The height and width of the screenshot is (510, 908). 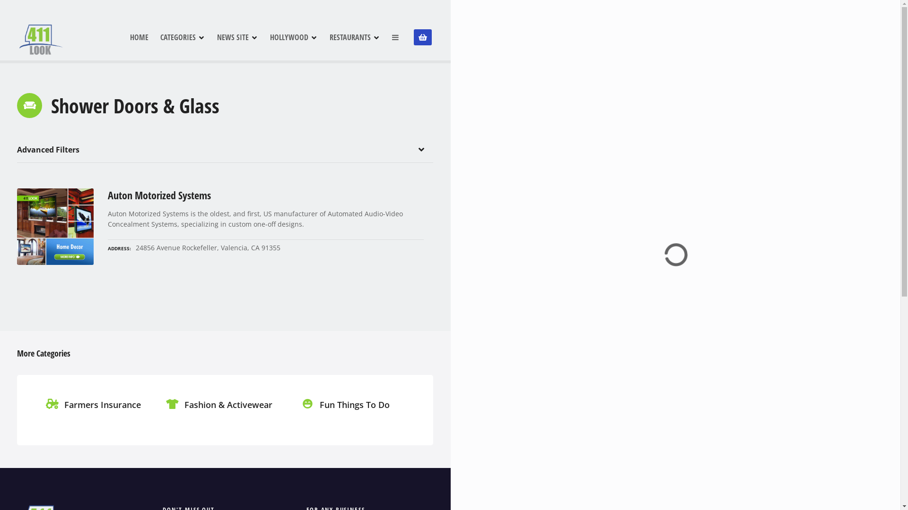 I want to click on 'HOLLYWOOD', so click(x=293, y=36).